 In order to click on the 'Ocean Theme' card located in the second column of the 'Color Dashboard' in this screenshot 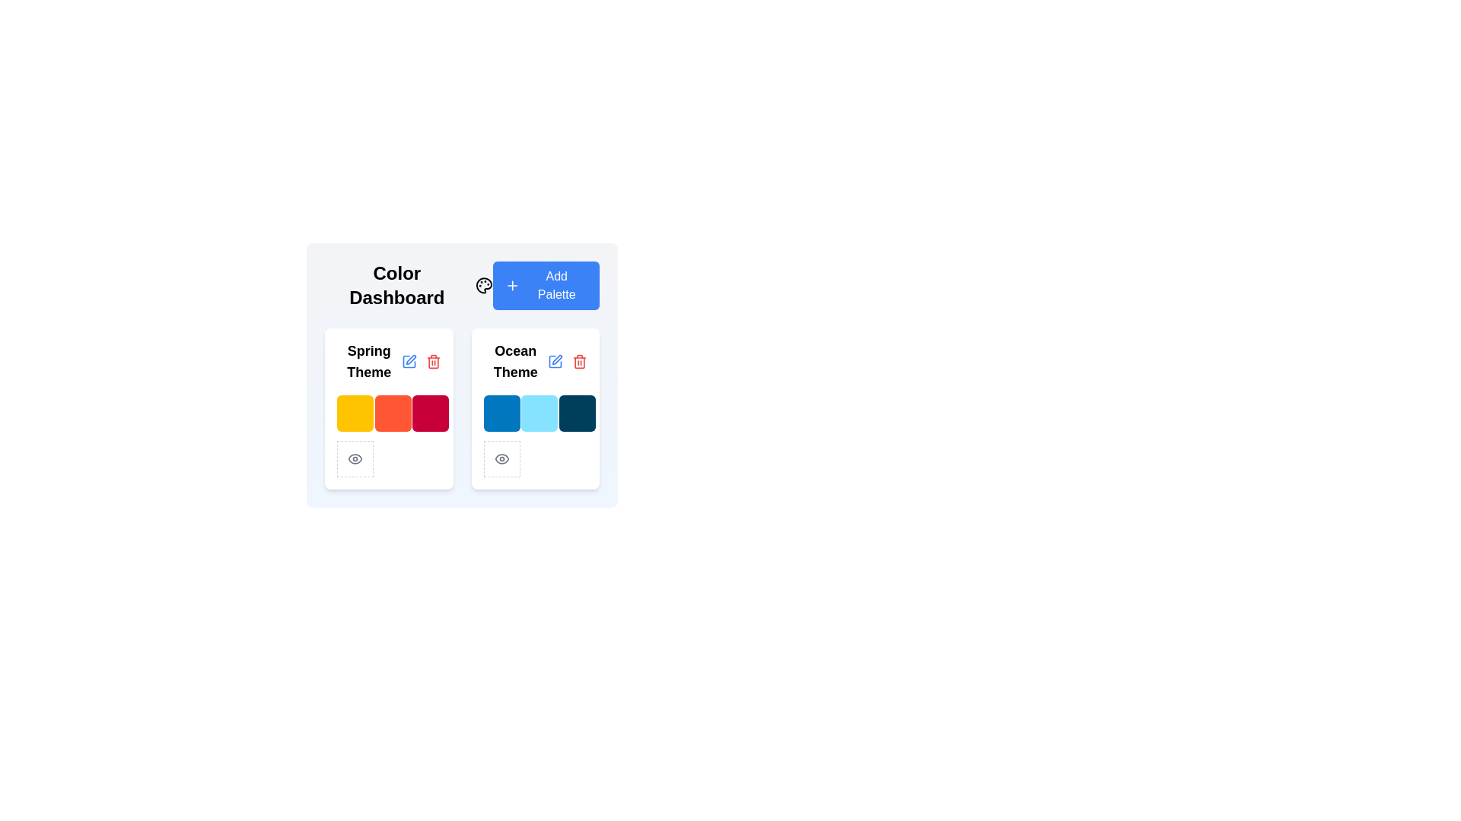, I will do `click(535, 407)`.